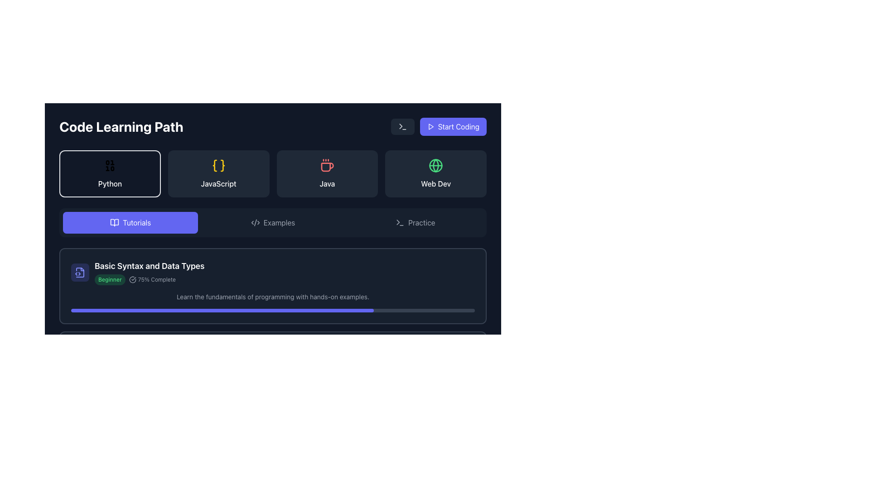 The height and width of the screenshot is (489, 870). I want to click on the decorative icon representing the 'Tutorials' section, which is located to the left of the 'Tutorials' button text in the navigation area, so click(114, 223).